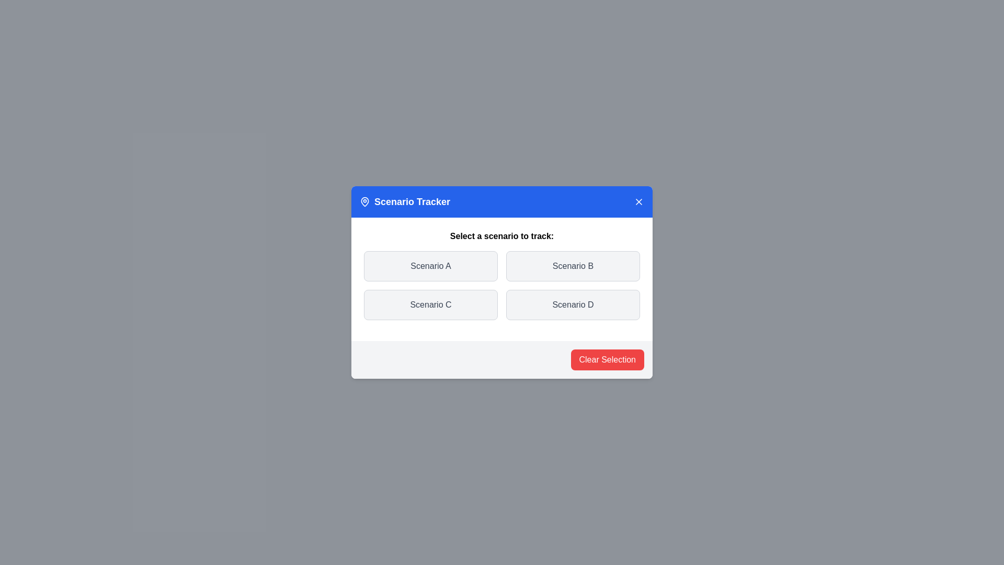 The image size is (1004, 565). I want to click on the scenario Scenario D by clicking on its respective button, so click(572, 304).